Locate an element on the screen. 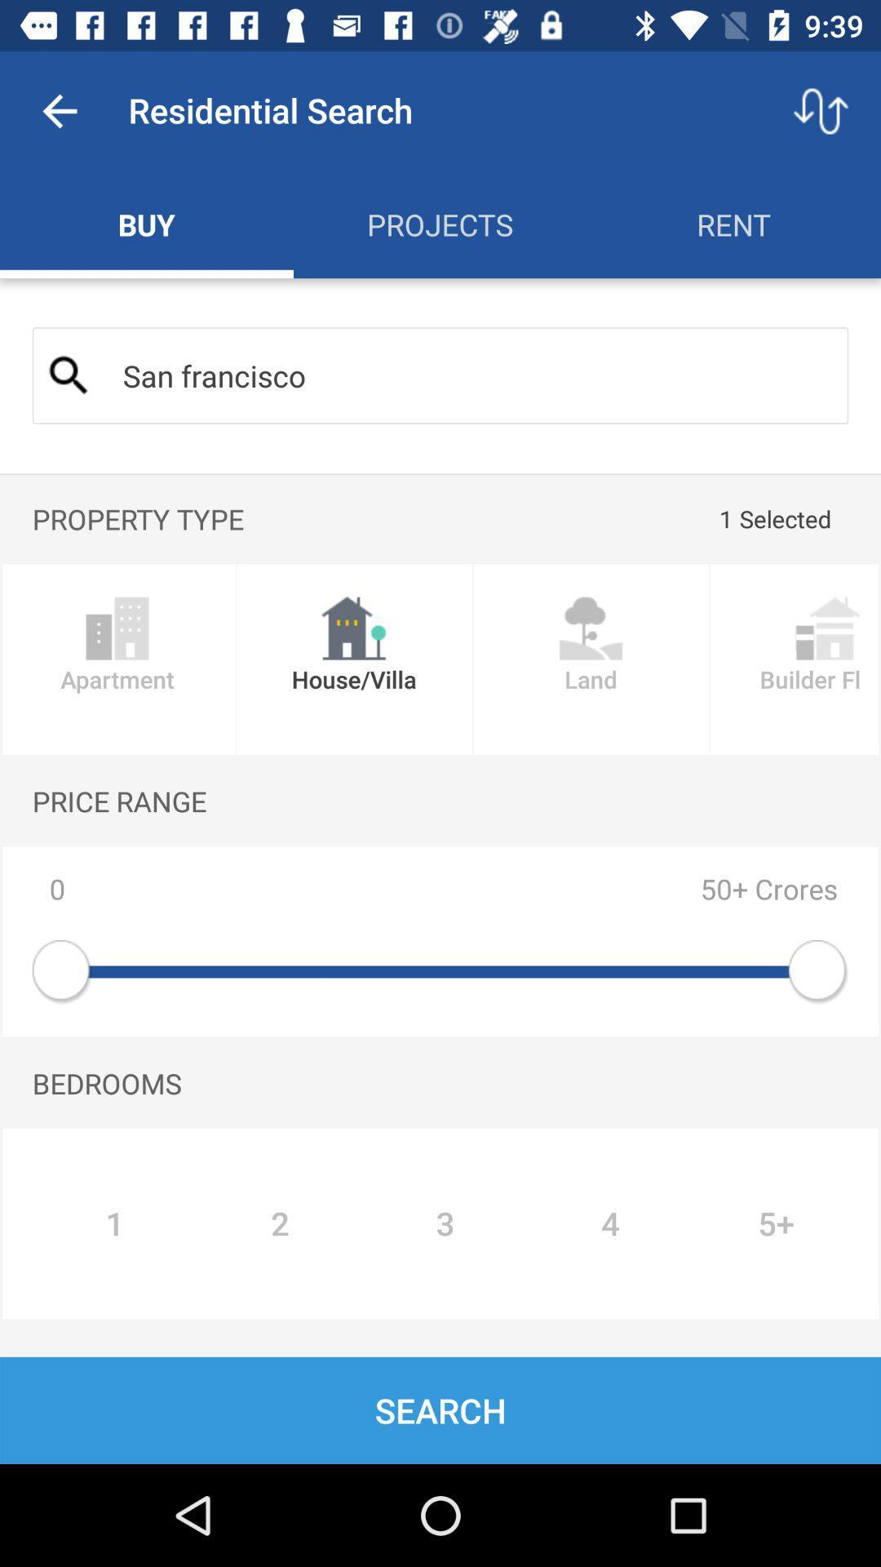  the numeric three which is above search option is located at coordinates (445, 1223).